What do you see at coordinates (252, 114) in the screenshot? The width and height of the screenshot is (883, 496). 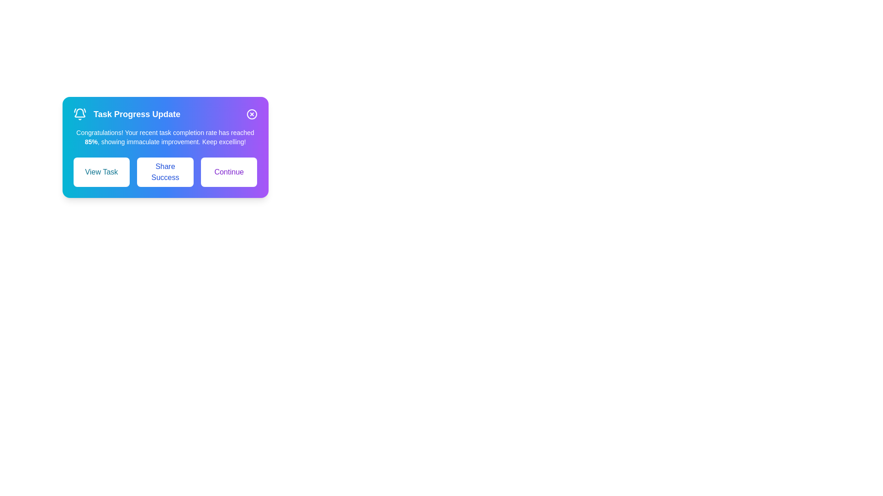 I see `the close button to dismiss the alert` at bounding box center [252, 114].